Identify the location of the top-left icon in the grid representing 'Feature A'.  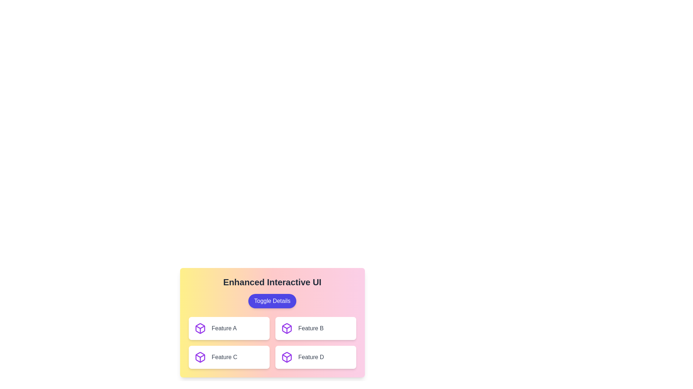
(200, 328).